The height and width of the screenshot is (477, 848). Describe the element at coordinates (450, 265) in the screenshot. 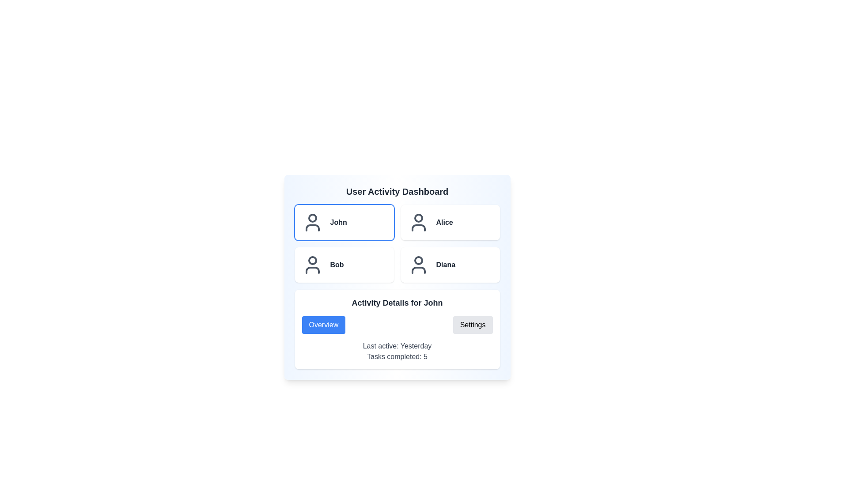

I see `the user card for 'Diana', which has a white background, rounded corners, and includes a user icon and the name 'Diana' in bold dark gray font` at that location.